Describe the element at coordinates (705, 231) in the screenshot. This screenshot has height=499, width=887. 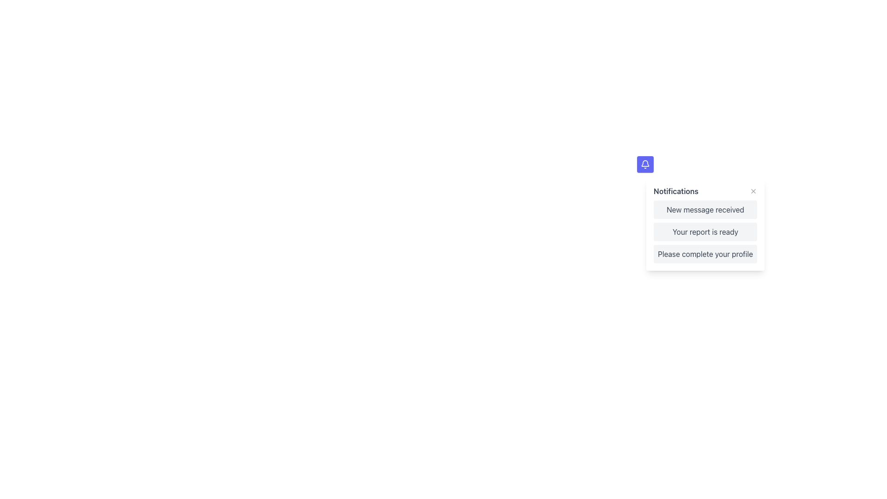
I see `the text display panel that contains the notification 'Your report is ready', which is the second item in a vertical stack of notifications` at that location.